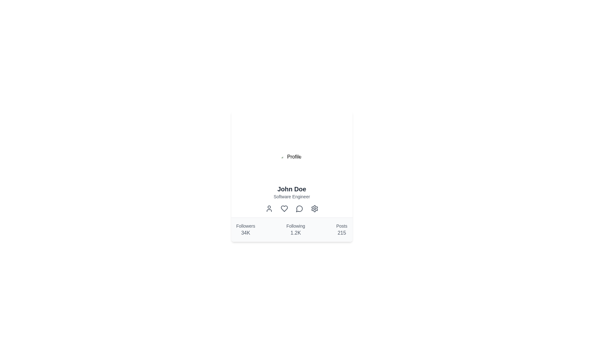  What do you see at coordinates (299, 208) in the screenshot?
I see `the third icon button in the row, which initiates a messaging function or allows viewing messages` at bounding box center [299, 208].